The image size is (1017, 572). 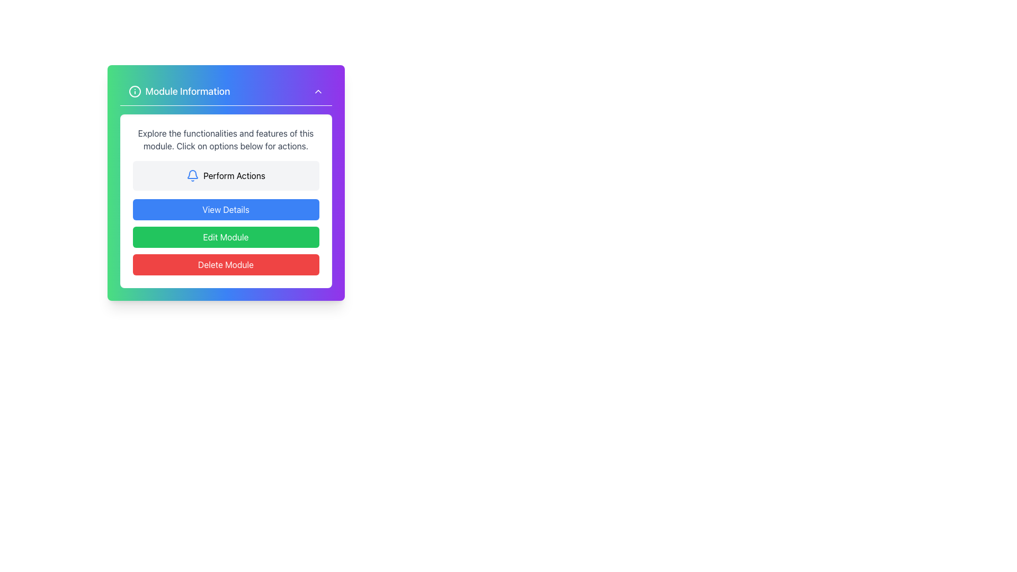 I want to click on the SVG Circle element styled as an information icon, located to the left of the heading 'Module Information', so click(x=134, y=91).